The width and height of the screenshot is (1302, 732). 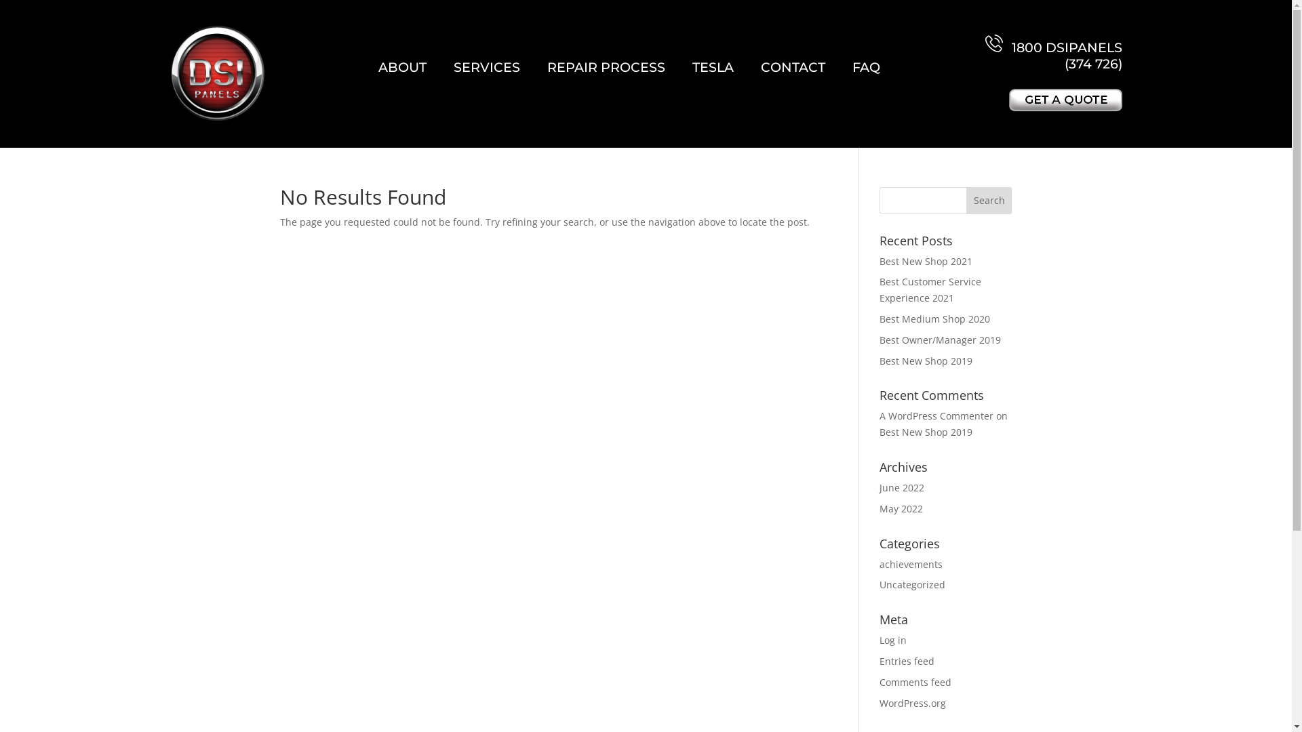 I want to click on 'Comments feed', so click(x=915, y=682).